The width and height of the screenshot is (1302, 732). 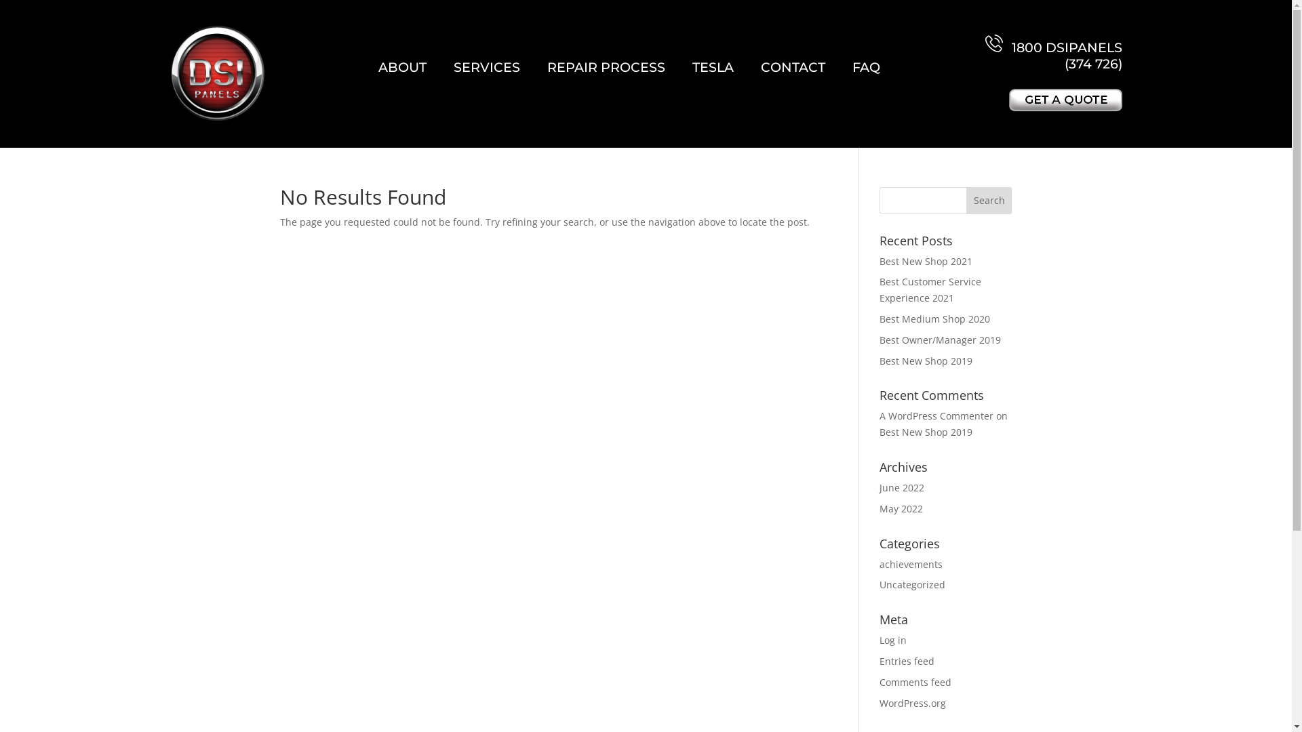 I want to click on 'Comments feed', so click(x=915, y=682).